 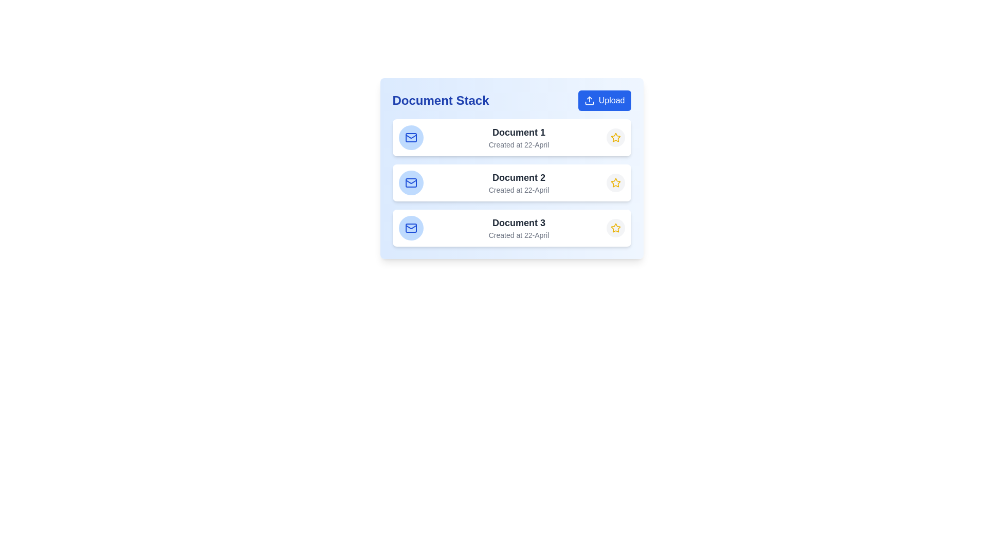 I want to click on the icon positioned to the left of the list item labeled 'Document 3' in the third row of the vertical list to focus or highlight it, so click(x=410, y=227).